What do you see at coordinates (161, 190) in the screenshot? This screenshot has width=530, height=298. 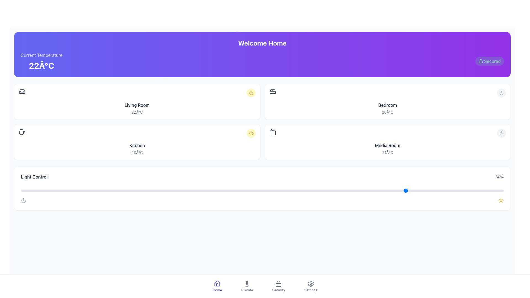 I see `the slider` at bounding box center [161, 190].